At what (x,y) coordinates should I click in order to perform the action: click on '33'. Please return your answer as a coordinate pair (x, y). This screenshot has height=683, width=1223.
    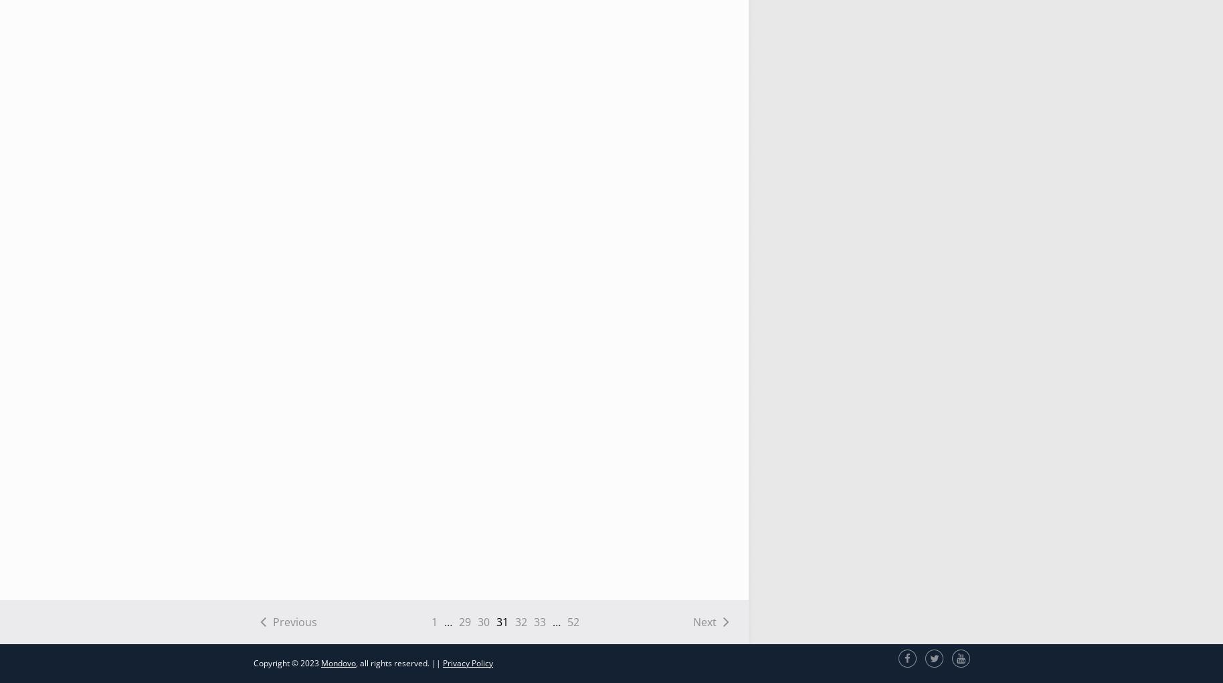
    Looking at the image, I should click on (539, 621).